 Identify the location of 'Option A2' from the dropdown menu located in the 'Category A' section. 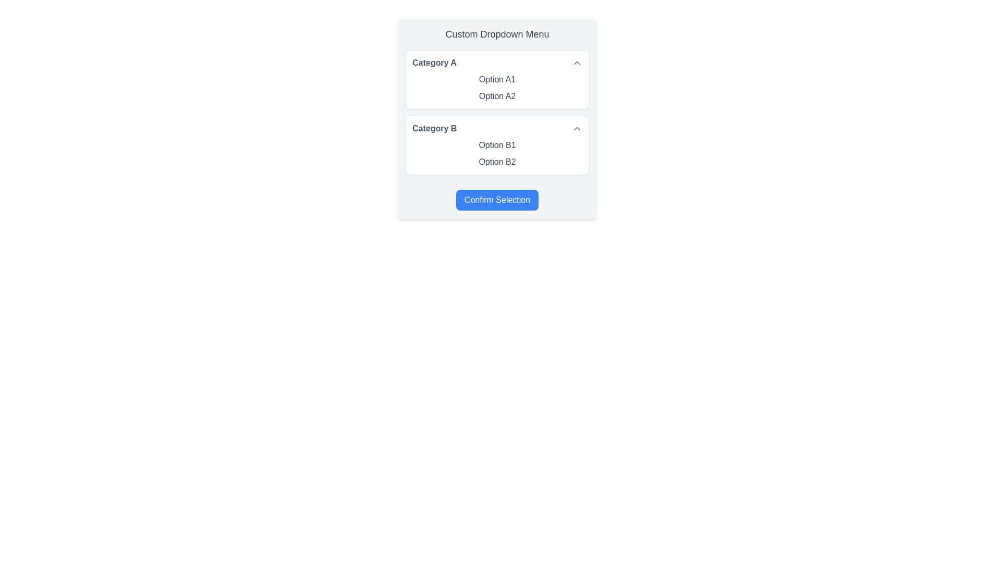
(497, 88).